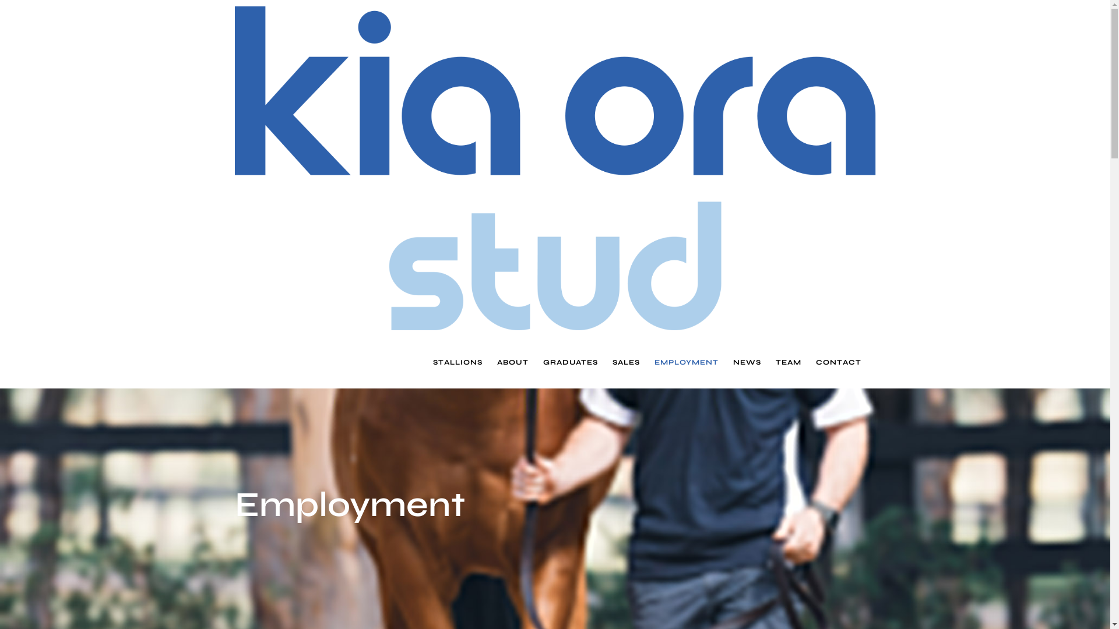 The width and height of the screenshot is (1119, 629). What do you see at coordinates (838, 361) in the screenshot?
I see `'CONTACT'` at bounding box center [838, 361].